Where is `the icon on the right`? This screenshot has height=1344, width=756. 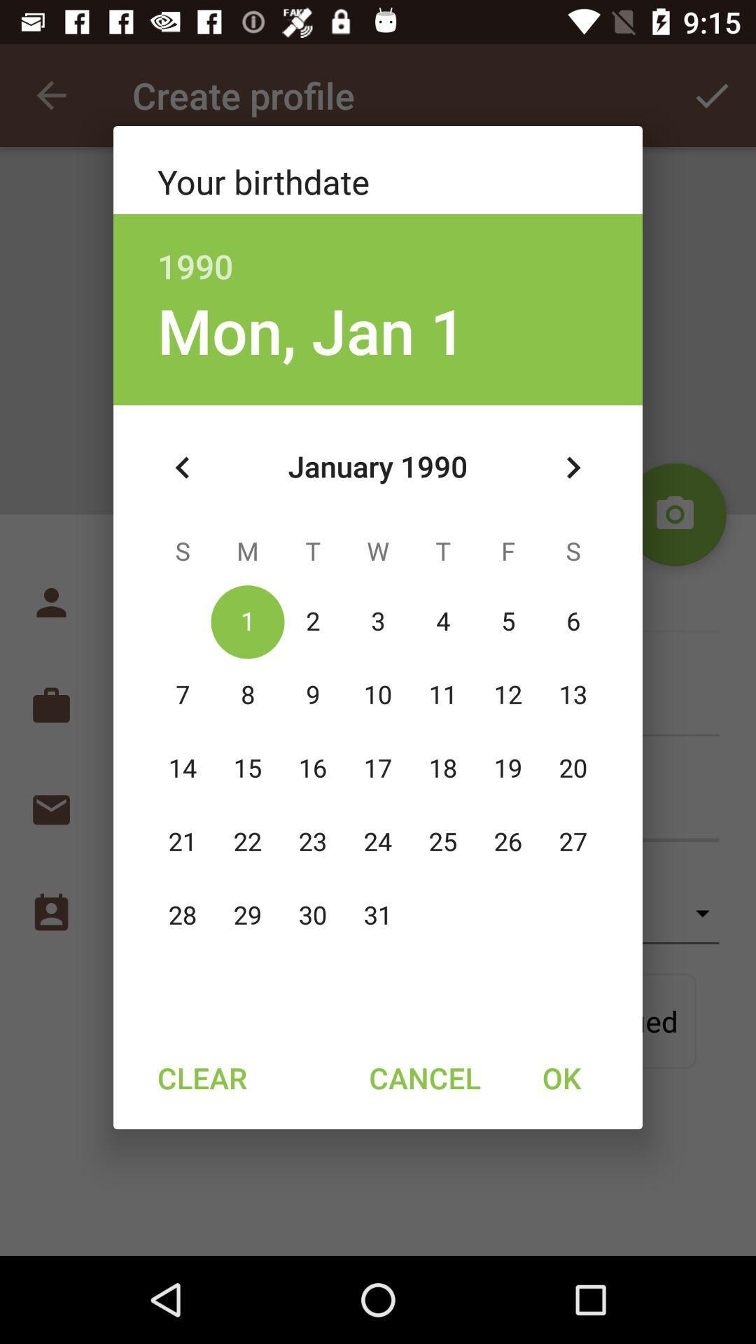
the icon on the right is located at coordinates (573, 468).